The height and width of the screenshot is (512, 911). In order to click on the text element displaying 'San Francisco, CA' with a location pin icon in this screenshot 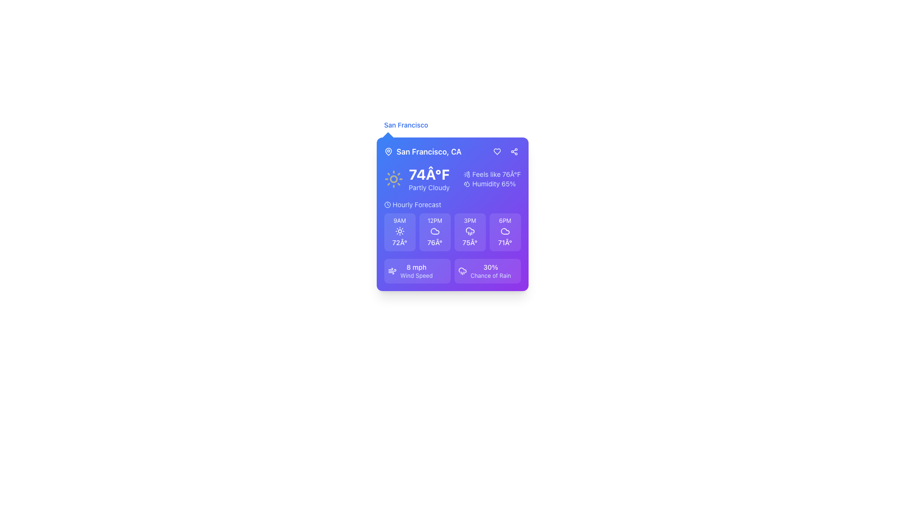, I will do `click(422, 151)`.